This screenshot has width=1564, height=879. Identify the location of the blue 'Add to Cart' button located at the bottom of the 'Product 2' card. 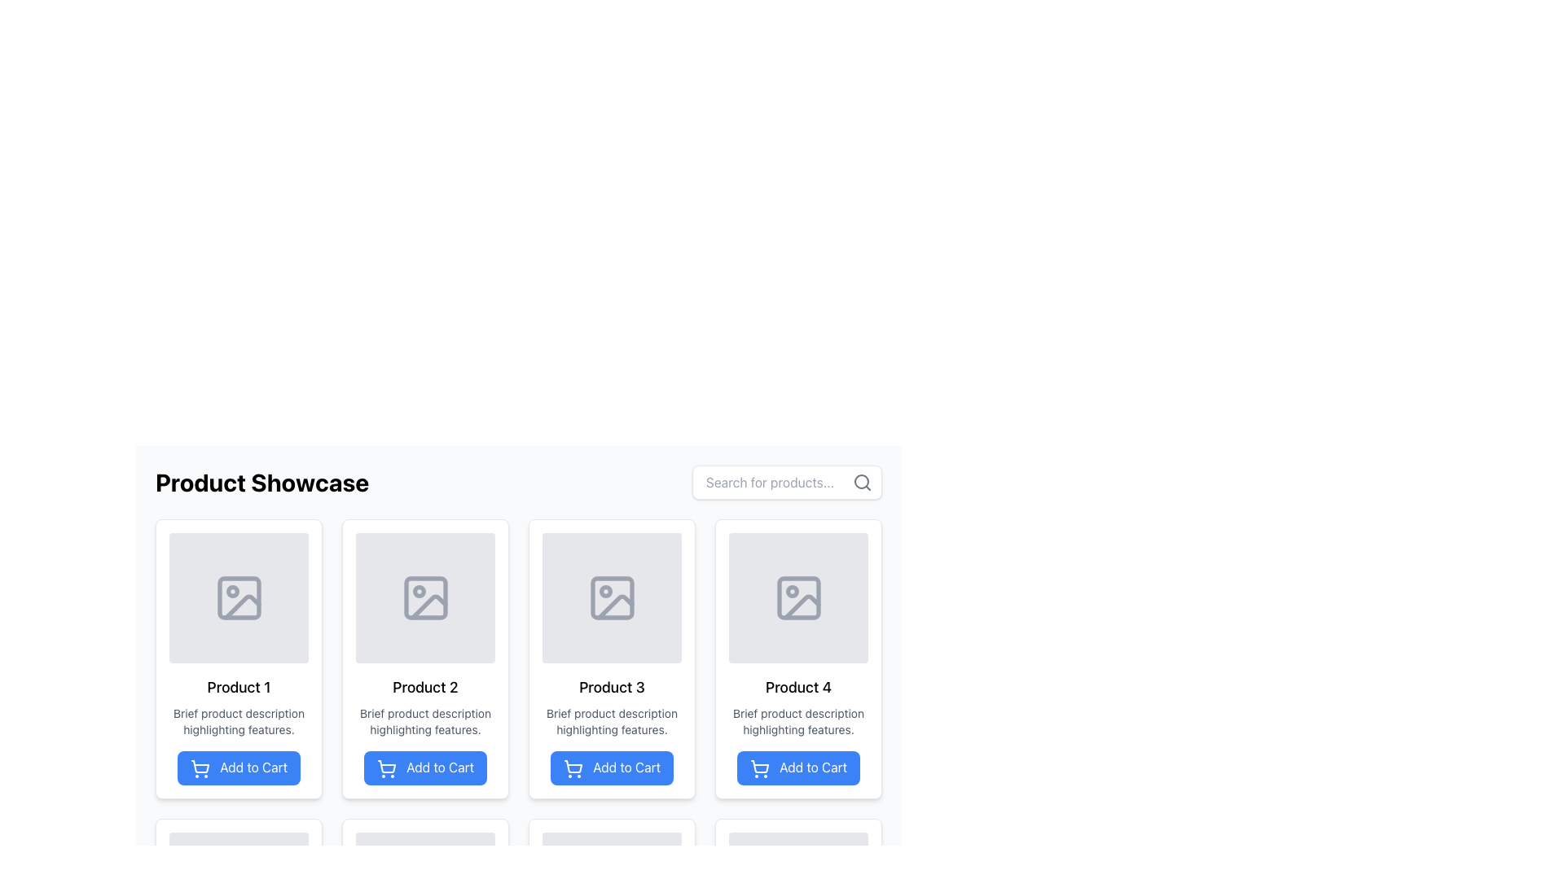
(425, 767).